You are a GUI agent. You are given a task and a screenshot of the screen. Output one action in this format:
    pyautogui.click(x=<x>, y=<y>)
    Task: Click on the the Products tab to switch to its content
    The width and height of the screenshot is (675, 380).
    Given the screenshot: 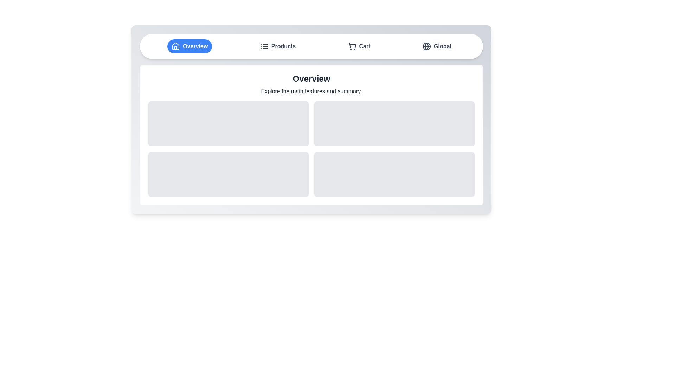 What is the action you would take?
    pyautogui.click(x=277, y=46)
    